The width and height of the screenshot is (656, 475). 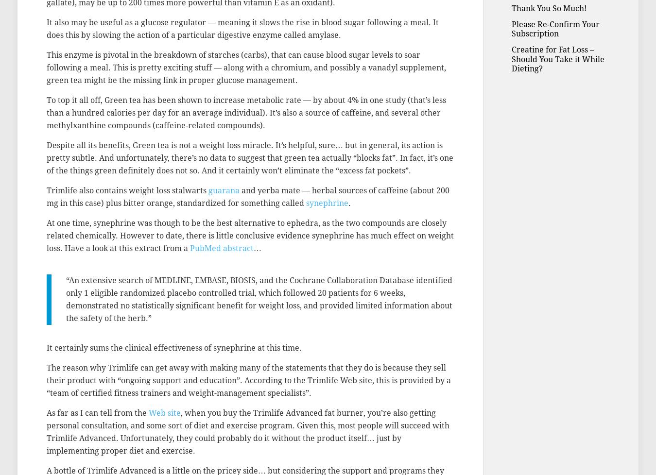 What do you see at coordinates (164, 412) in the screenshot?
I see `'Web site'` at bounding box center [164, 412].